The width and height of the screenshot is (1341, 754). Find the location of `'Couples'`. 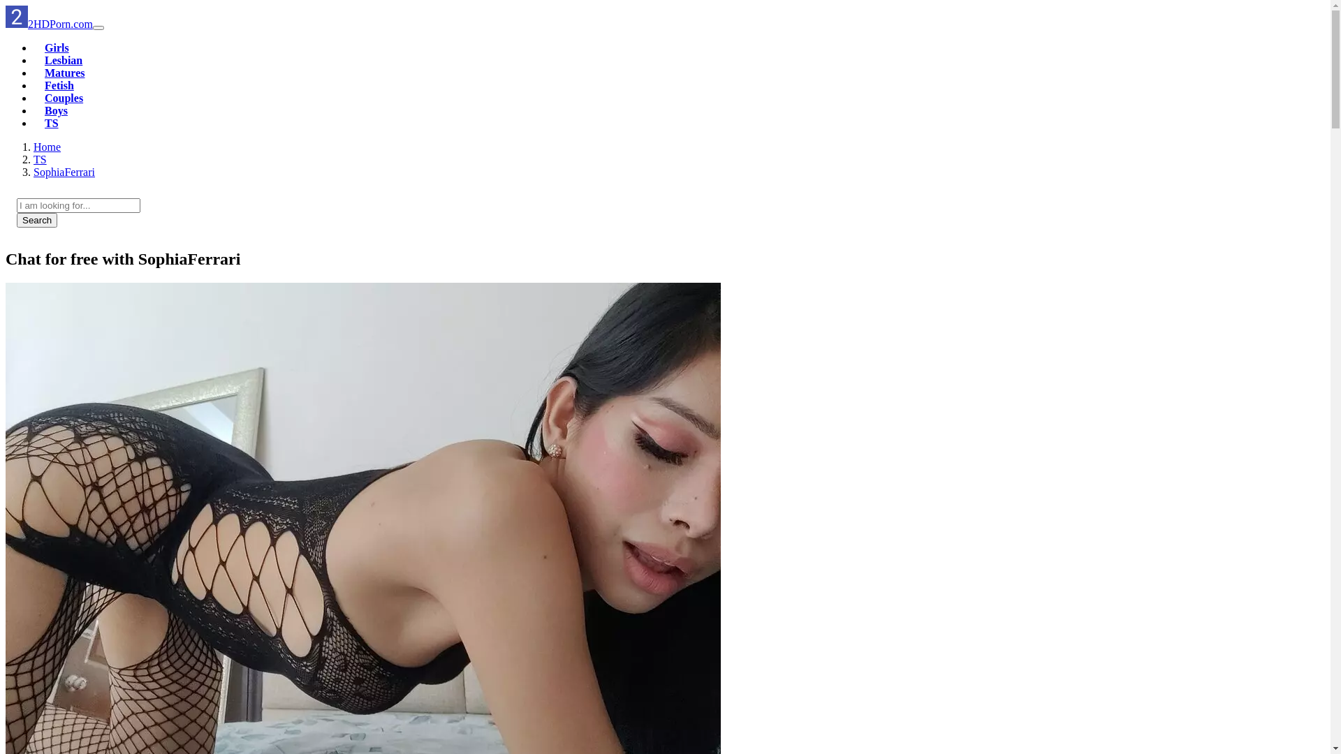

'Couples' is located at coordinates (63, 97).